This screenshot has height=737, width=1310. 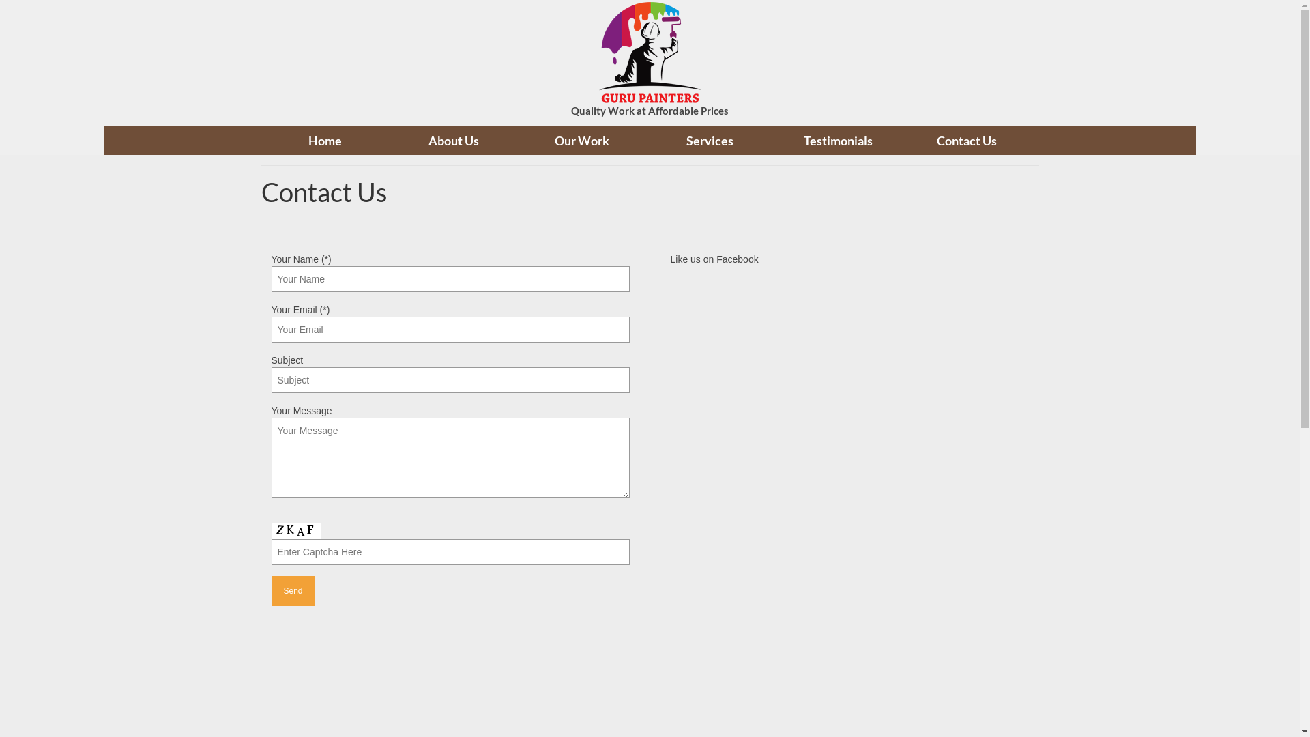 I want to click on 'Our Work', so click(x=516, y=140).